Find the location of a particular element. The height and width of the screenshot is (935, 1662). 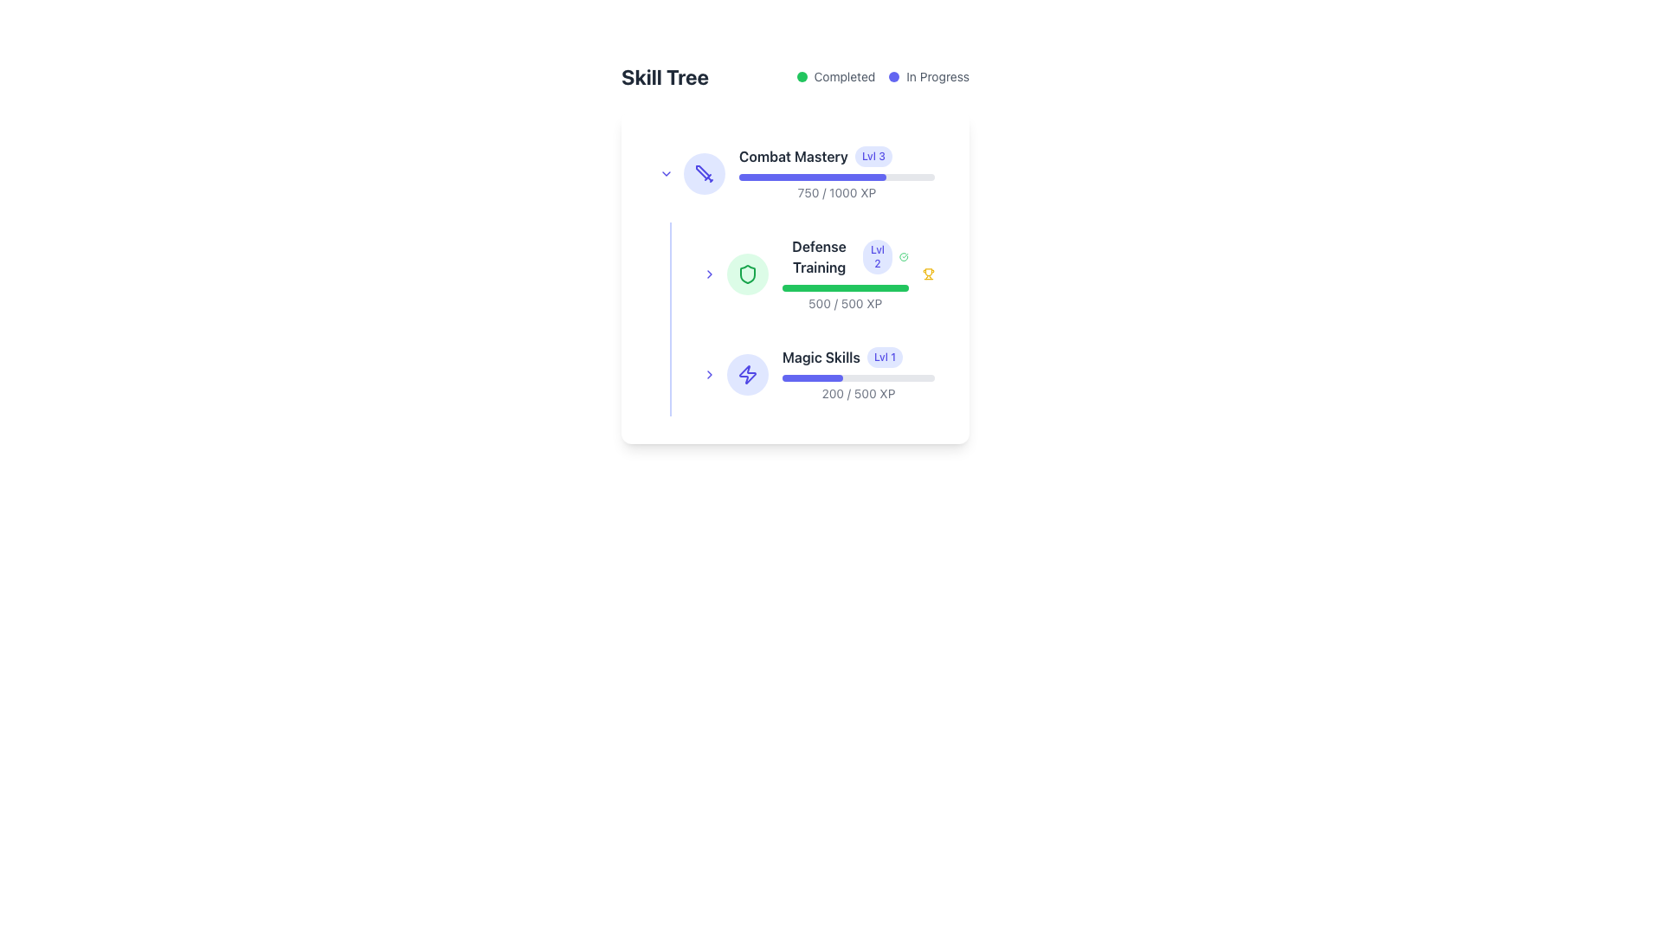

the progress level of the Progress Bar located under 'Magic Skills' and above the XP indicator '200 / 500 XP' in the skill tree interface is located at coordinates (859, 377).